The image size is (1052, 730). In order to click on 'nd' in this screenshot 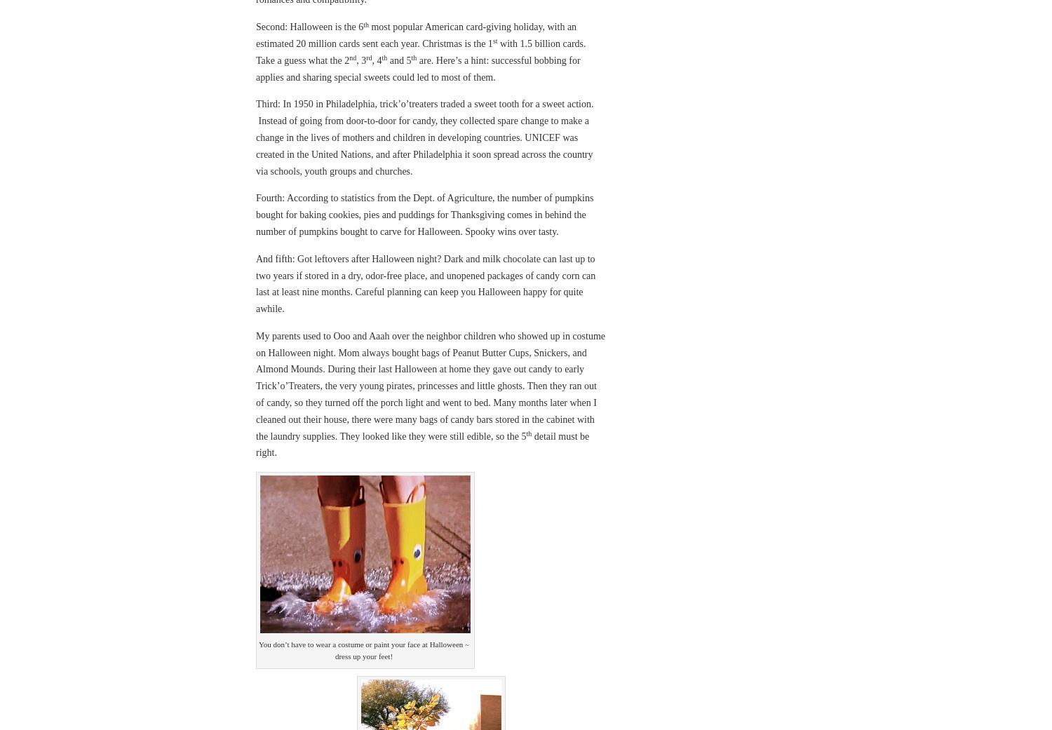, I will do `click(352, 57)`.